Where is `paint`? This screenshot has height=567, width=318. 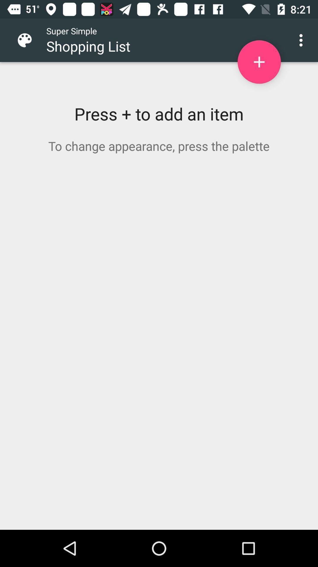 paint is located at coordinates (29, 40).